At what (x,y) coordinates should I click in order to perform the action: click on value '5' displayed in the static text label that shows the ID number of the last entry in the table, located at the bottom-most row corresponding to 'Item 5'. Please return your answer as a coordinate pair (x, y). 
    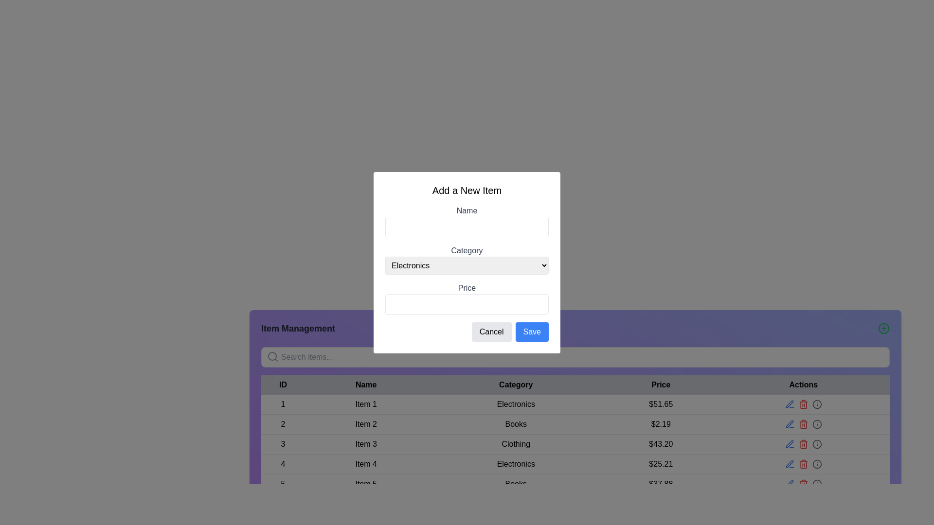
    Looking at the image, I should click on (282, 484).